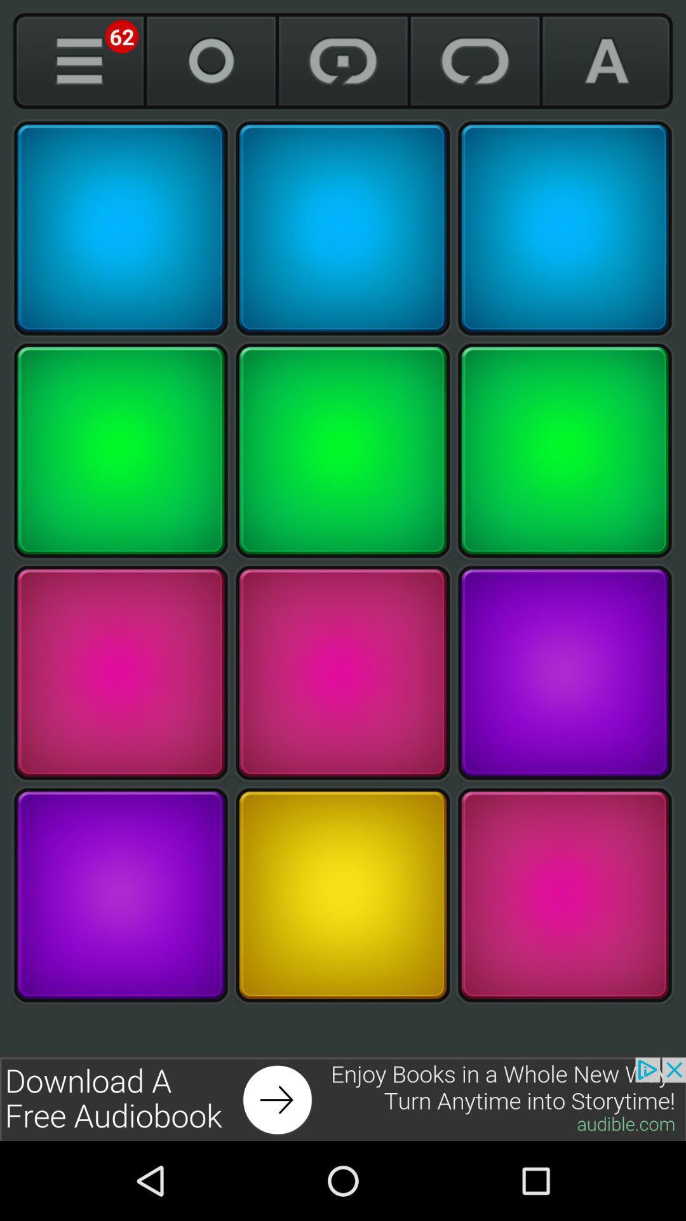  What do you see at coordinates (121, 228) in the screenshot?
I see `keypad 1` at bounding box center [121, 228].